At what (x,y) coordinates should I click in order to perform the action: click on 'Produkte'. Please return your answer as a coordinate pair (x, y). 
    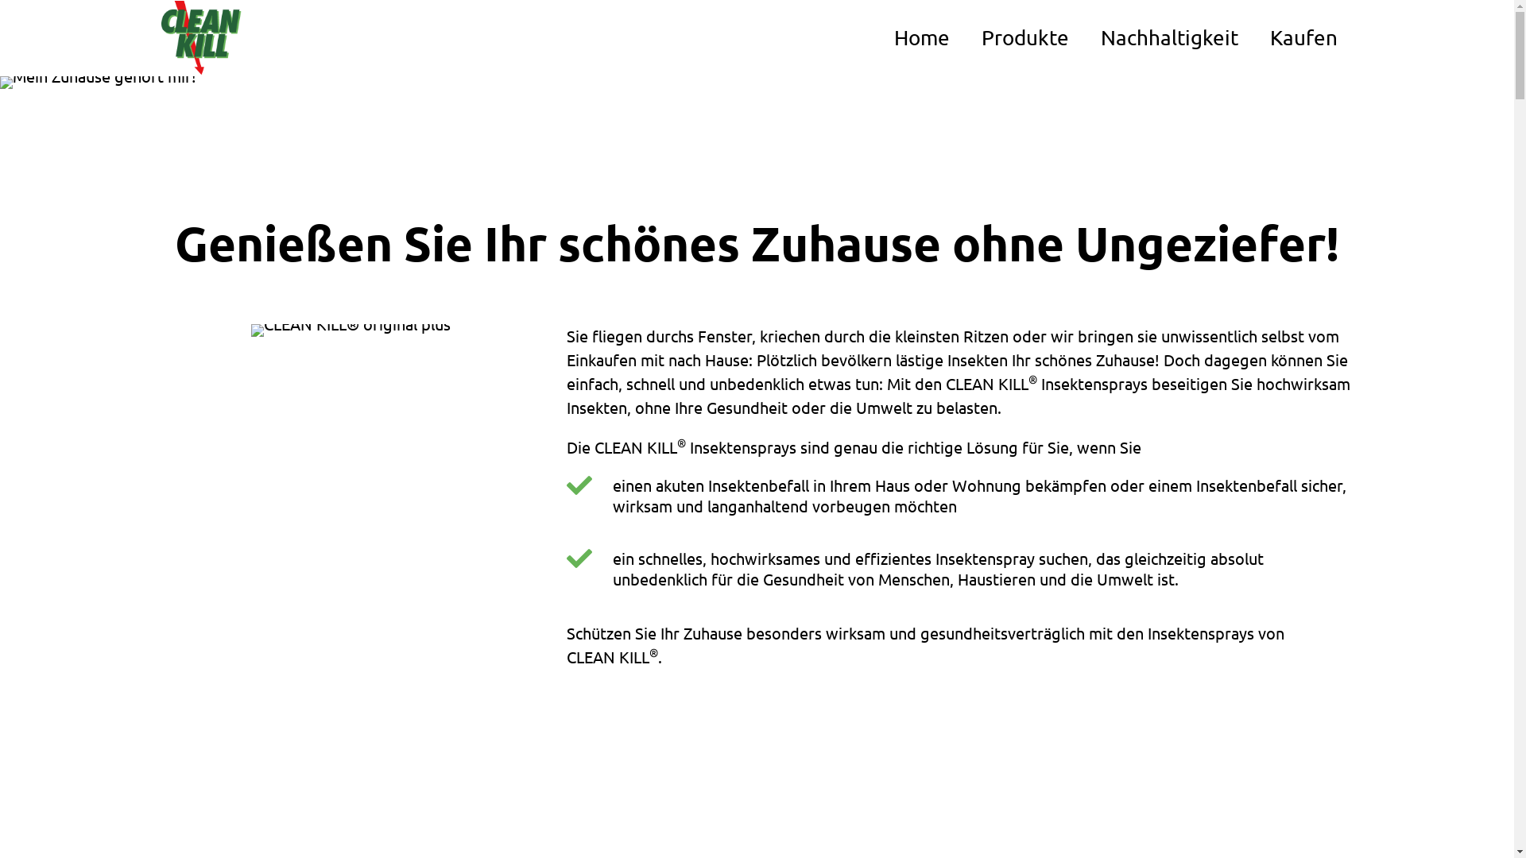
    Looking at the image, I should click on (964, 37).